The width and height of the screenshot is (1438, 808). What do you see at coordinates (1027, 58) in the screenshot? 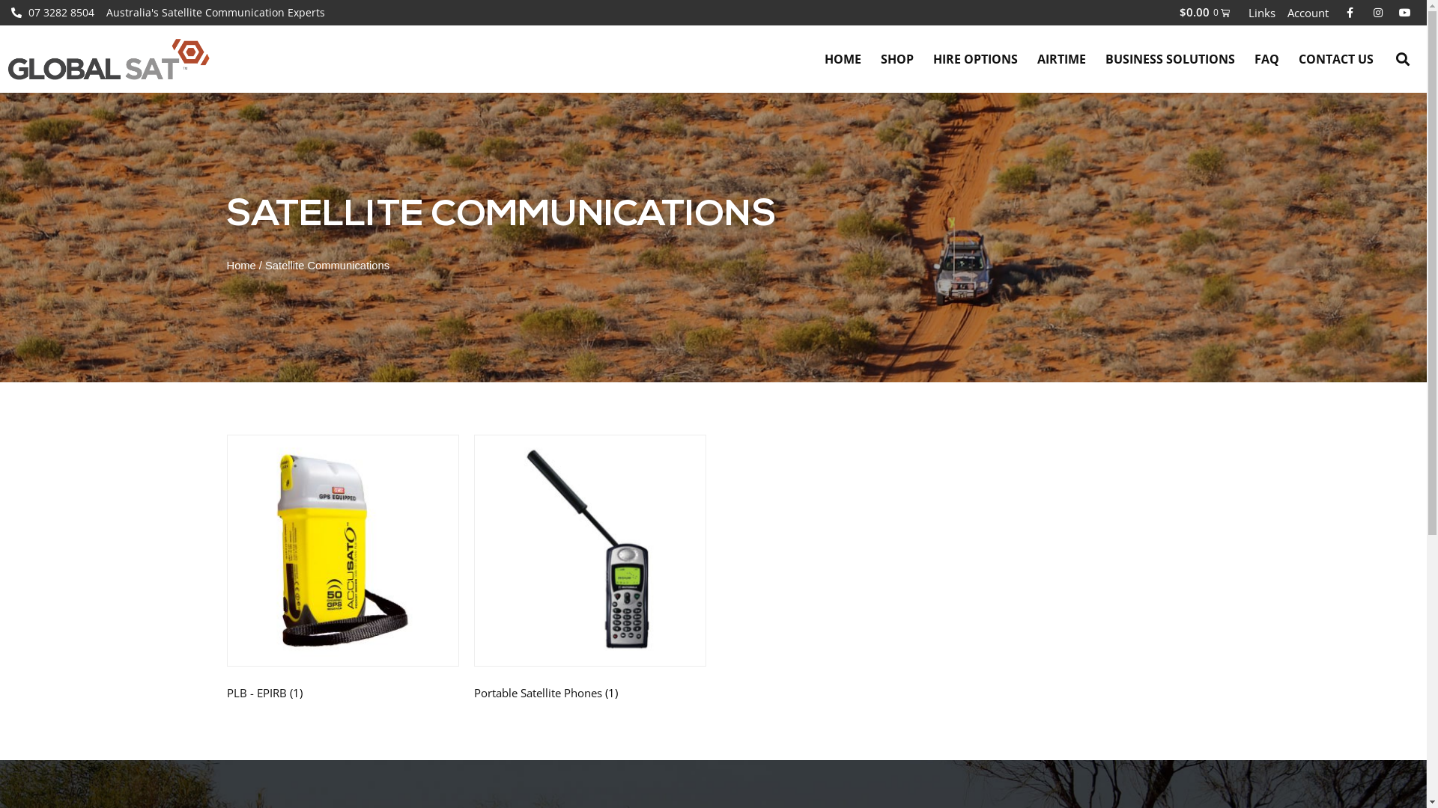
I see `'AIRTIME'` at bounding box center [1027, 58].